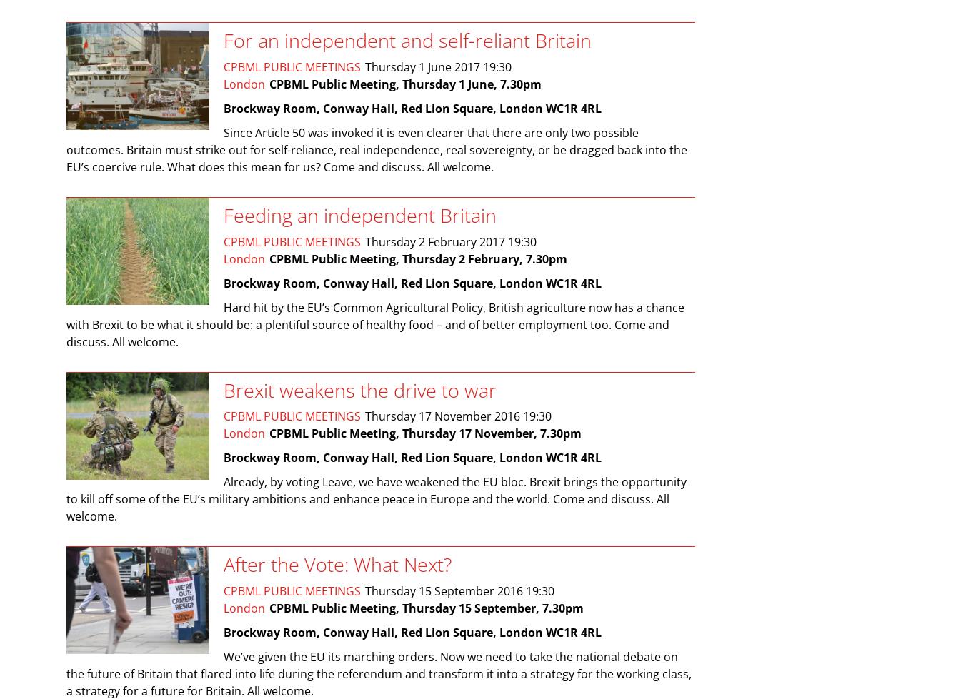 Image resolution: width=976 pixels, height=699 pixels. I want to click on 'CPBML Public Meeting, Thursday 17 November, 7.30pm', so click(424, 432).